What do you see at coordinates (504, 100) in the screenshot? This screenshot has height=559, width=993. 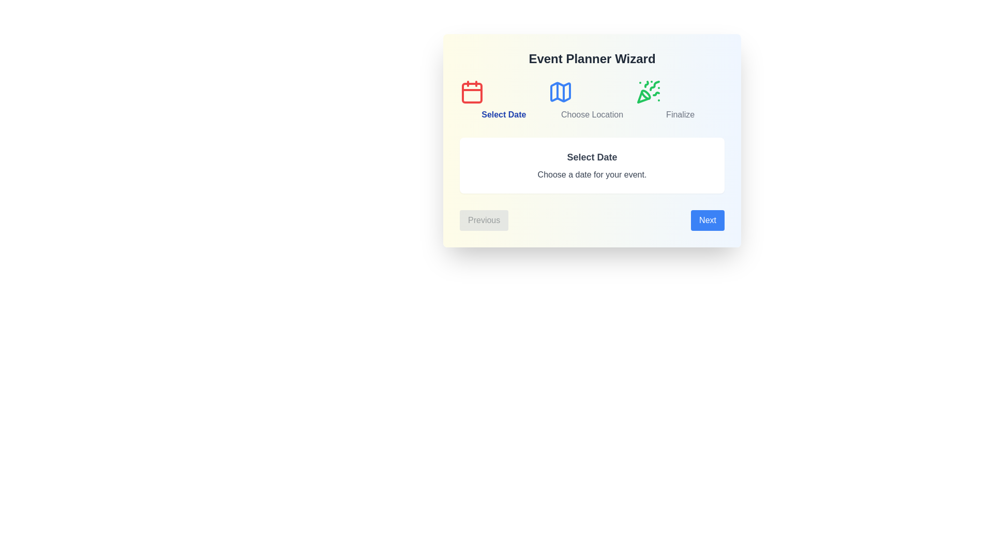 I see `the navigation step labeled Select Date to switch to the corresponding section` at bounding box center [504, 100].